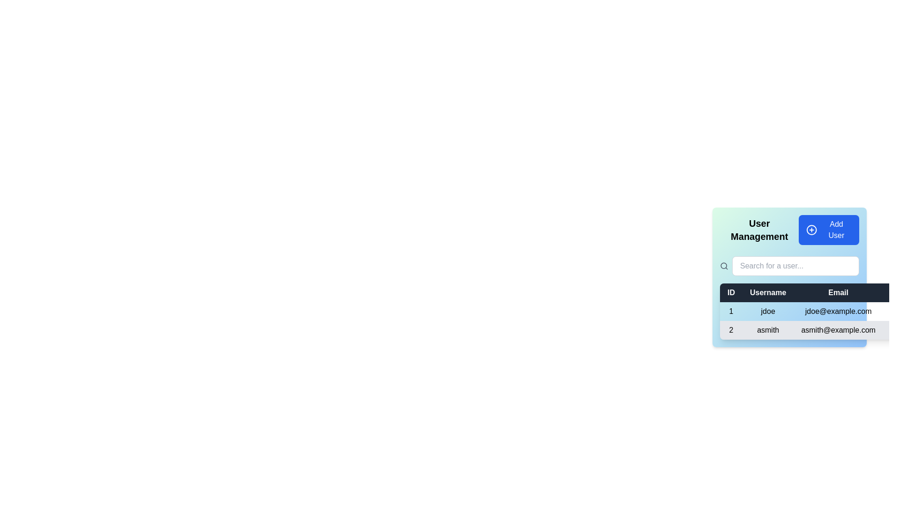  Describe the element at coordinates (838, 292) in the screenshot. I see `the 'Email' text label, which is styled as a table header with a dark background and white text, positioned between the 'Username' and 'Status' column headers` at that location.